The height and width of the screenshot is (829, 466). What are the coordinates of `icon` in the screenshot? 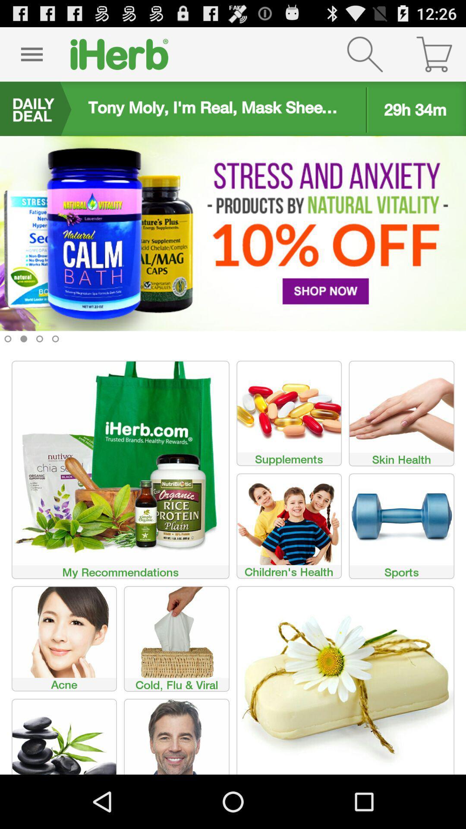 It's located at (31, 54).